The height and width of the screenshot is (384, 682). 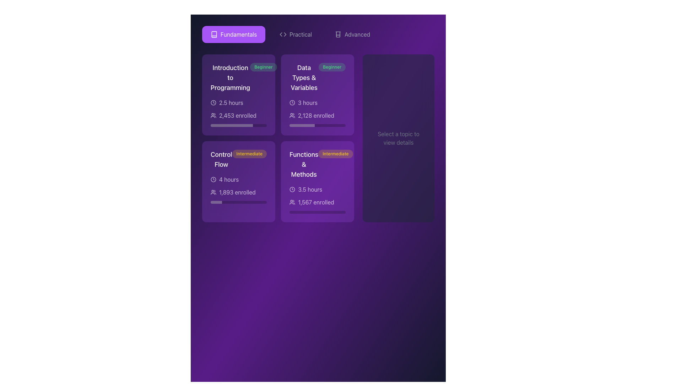 What do you see at coordinates (317, 212) in the screenshot?
I see `the horizontal progress bar located at the bottom of the 'Functions & Methods' card, which has a dark gray background and a rounded shape` at bounding box center [317, 212].